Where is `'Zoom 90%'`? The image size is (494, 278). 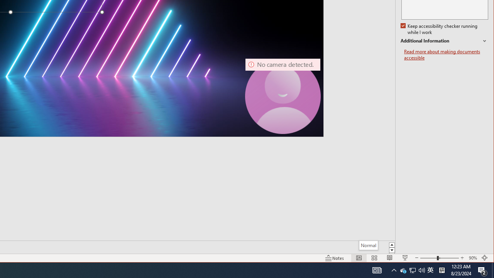 'Zoom 90%' is located at coordinates (472, 258).